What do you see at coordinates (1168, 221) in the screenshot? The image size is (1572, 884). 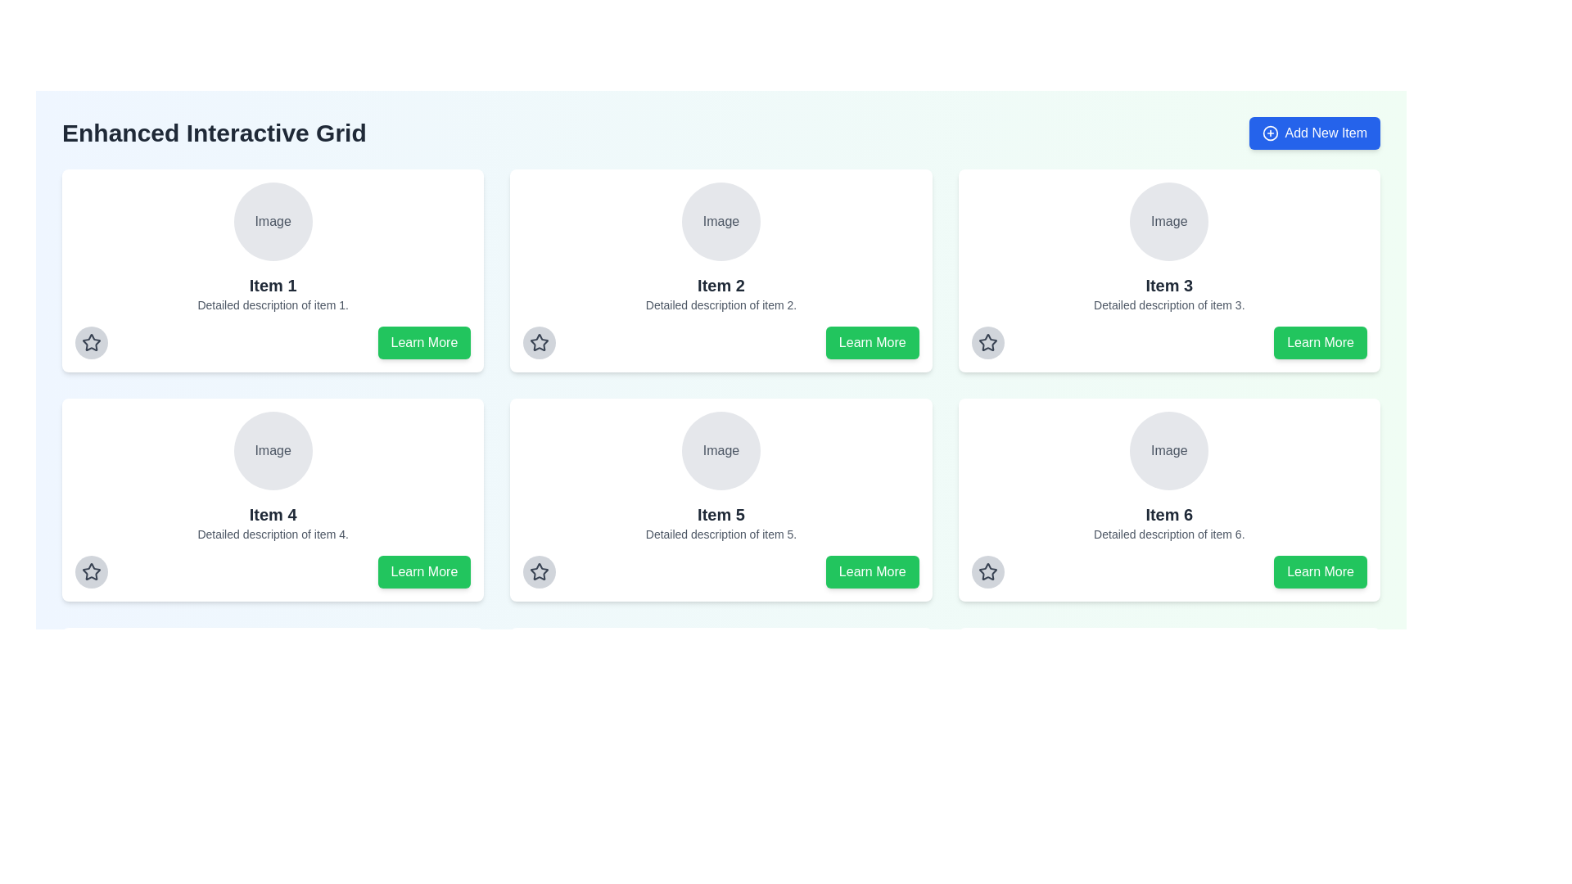 I see `the image placeholder located at the top center of 'Item 3' card in the grid layout` at bounding box center [1168, 221].